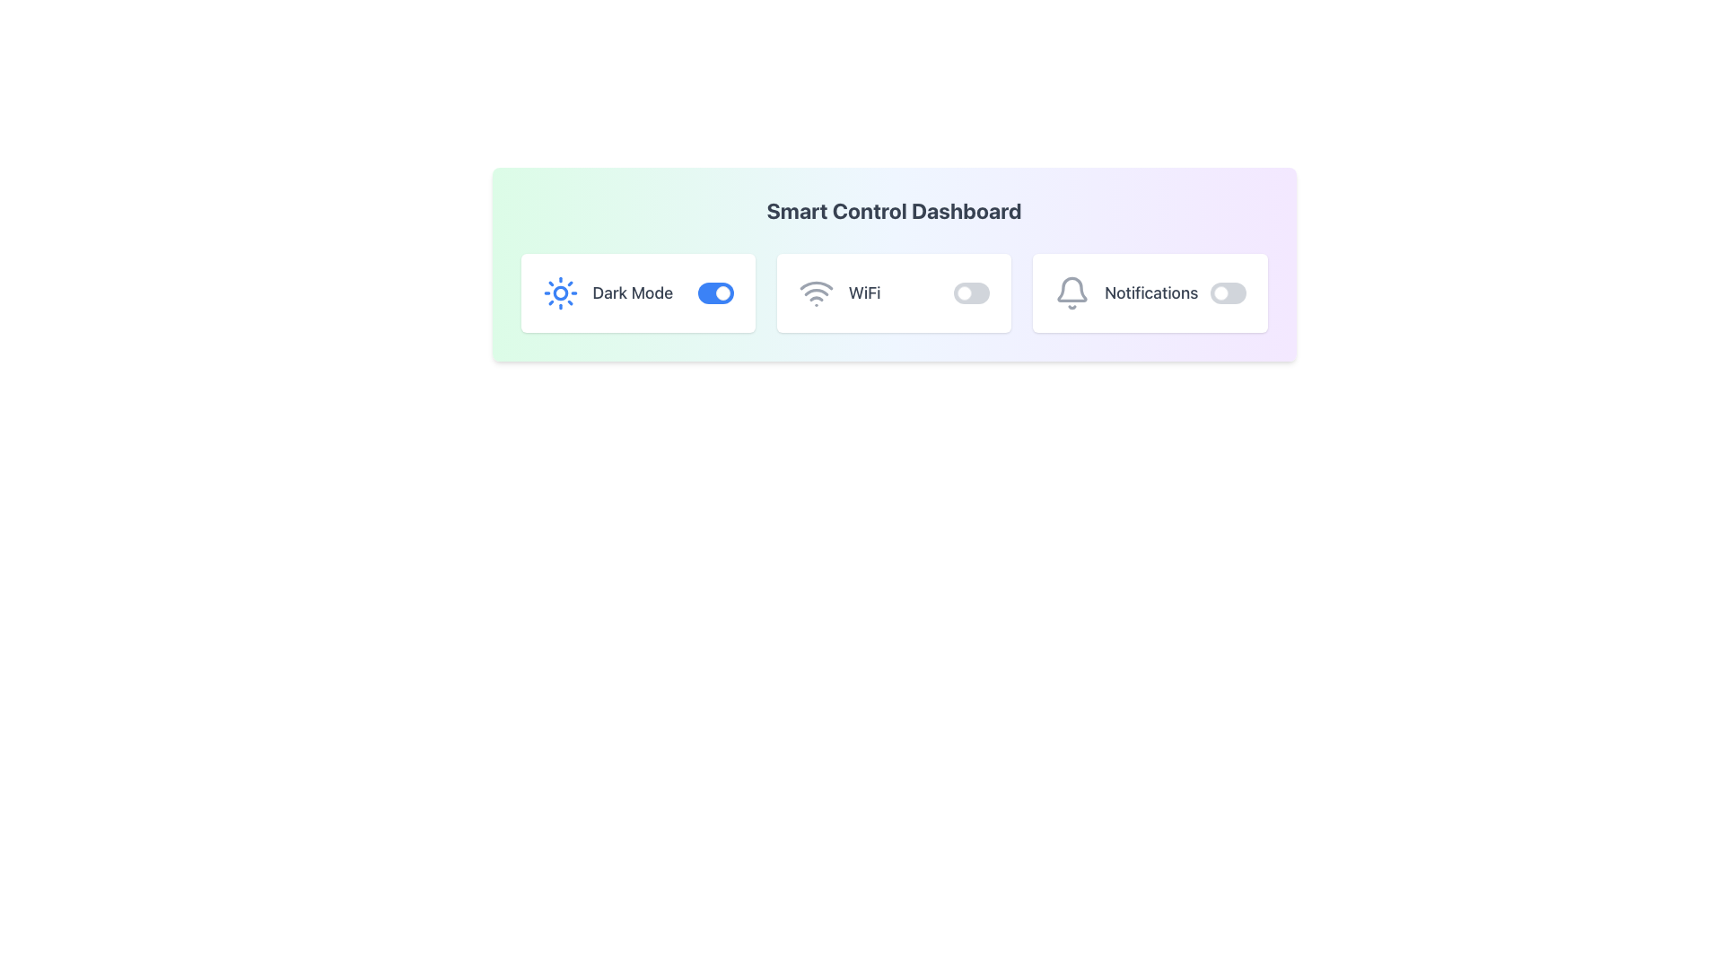 This screenshot has width=1723, height=969. Describe the element at coordinates (894, 210) in the screenshot. I see `text label displaying 'Smart Control Dashboard' which is styled with a bold font and is positioned at the top-center of the gradient-colored panel` at that location.